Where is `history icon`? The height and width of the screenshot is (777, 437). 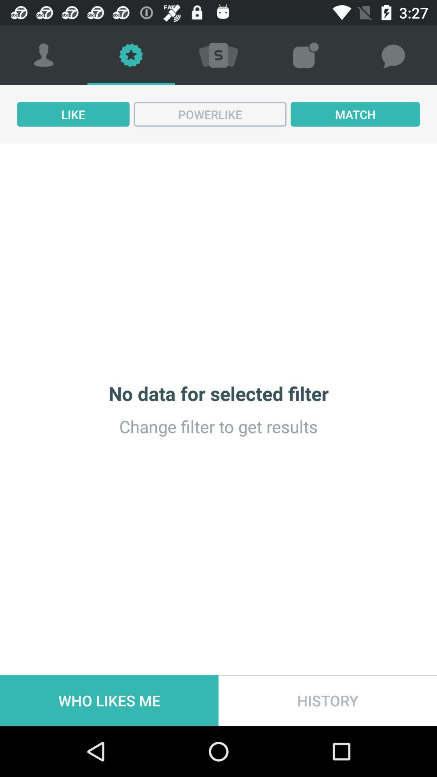 history icon is located at coordinates (328, 700).